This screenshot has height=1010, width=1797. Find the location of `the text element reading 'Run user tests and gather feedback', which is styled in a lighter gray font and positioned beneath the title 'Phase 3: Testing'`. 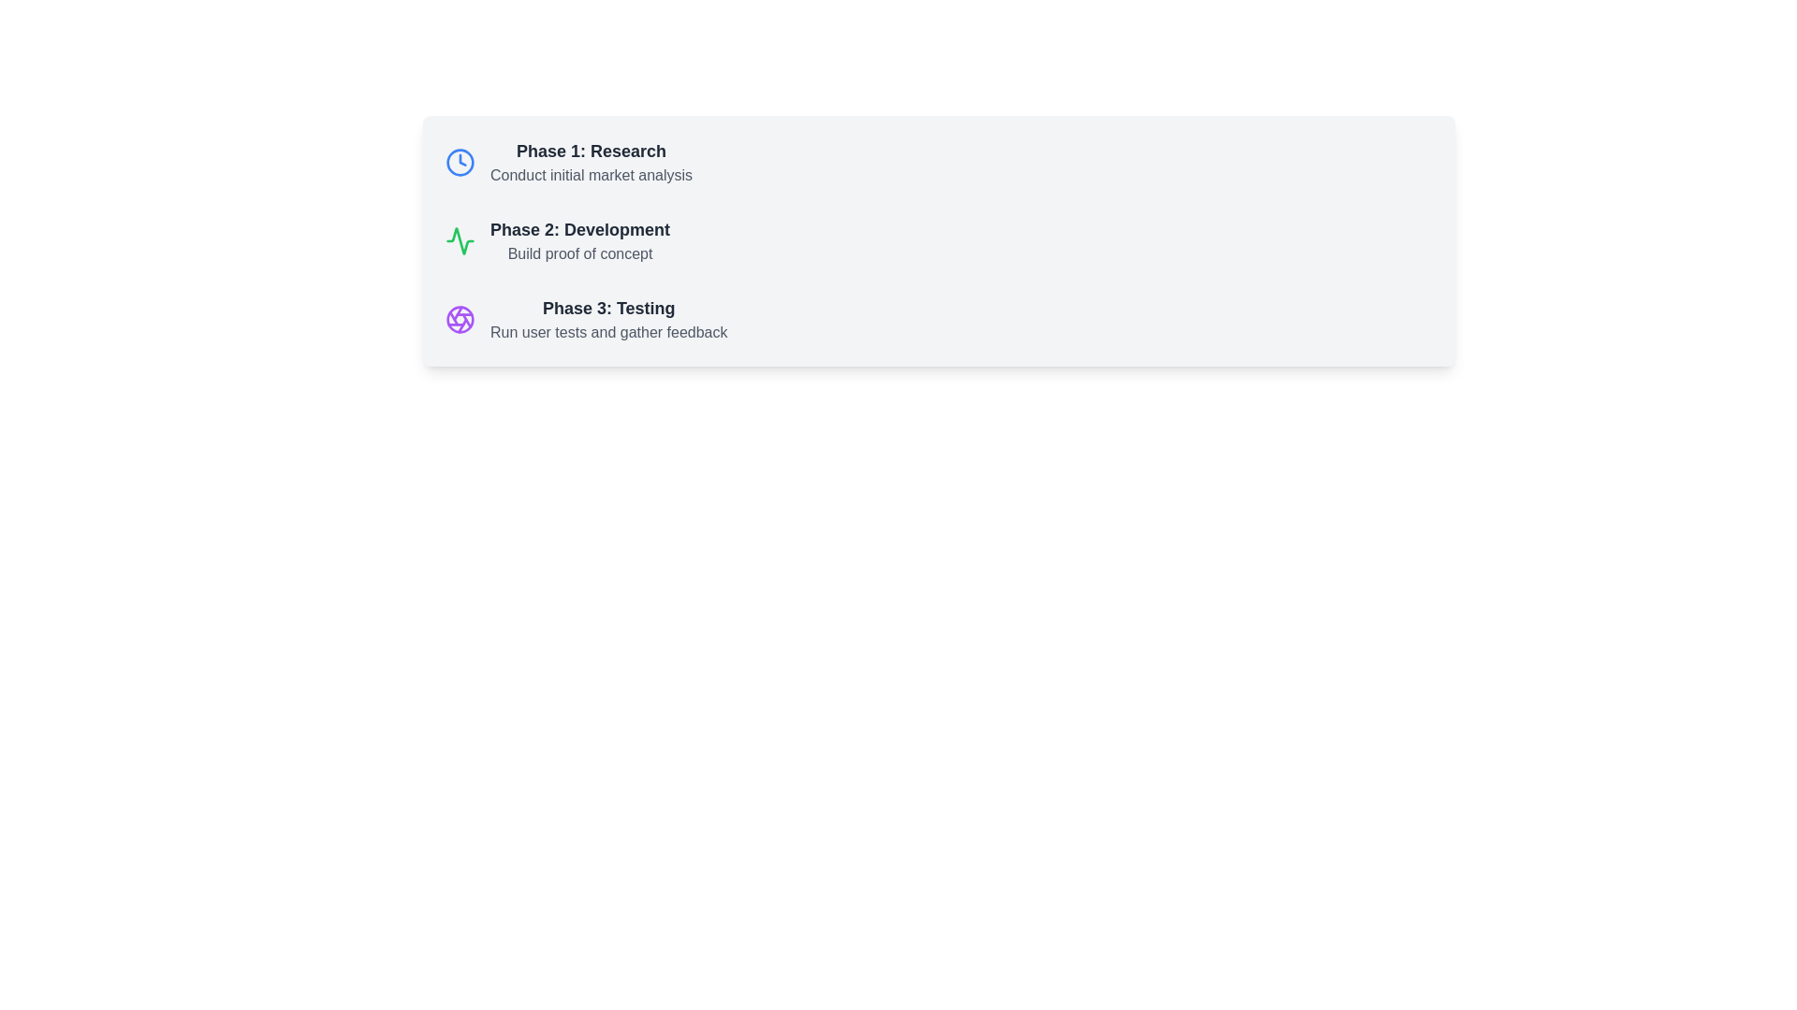

the text element reading 'Run user tests and gather feedback', which is styled in a lighter gray font and positioned beneath the title 'Phase 3: Testing' is located at coordinates (608, 331).